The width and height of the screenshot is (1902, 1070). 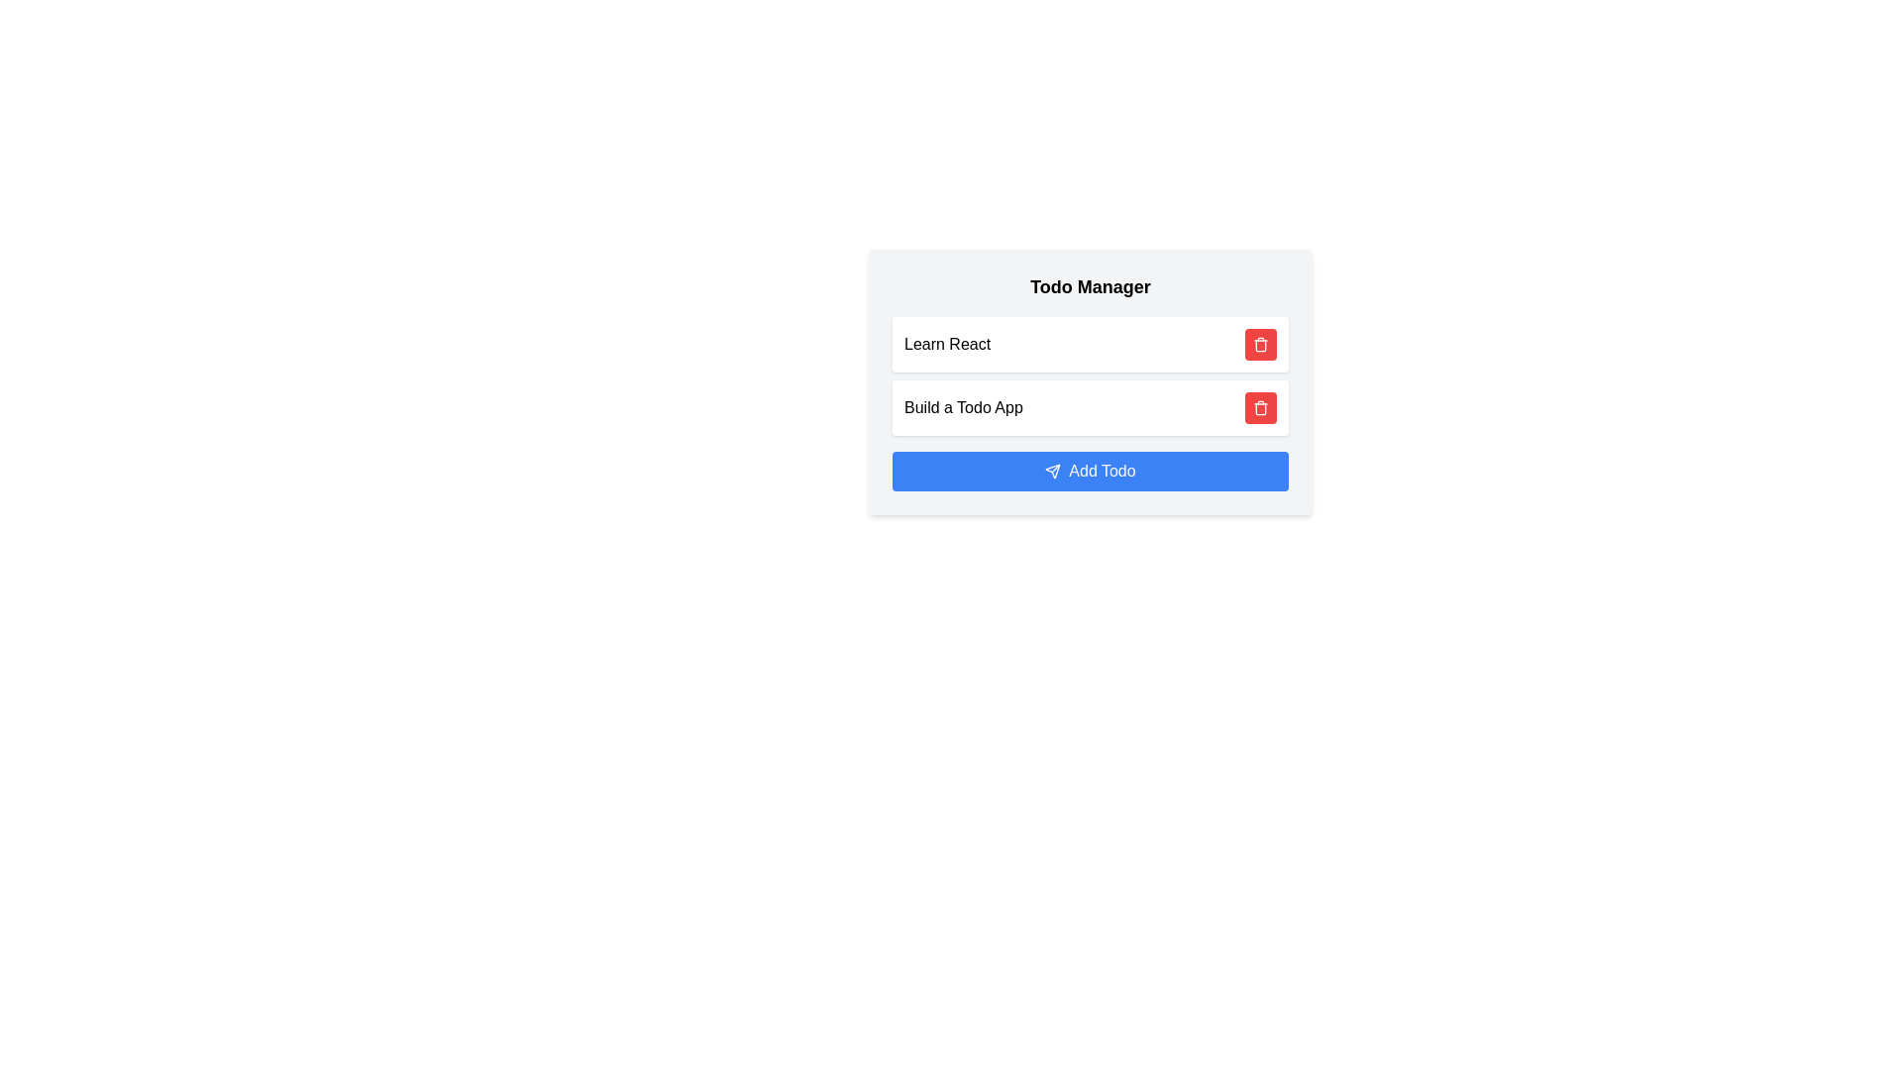 What do you see at coordinates (963, 407) in the screenshot?
I see `the static text element representing a todo item in the second todo card, located below 'Learn React' and to the left of the delete button` at bounding box center [963, 407].